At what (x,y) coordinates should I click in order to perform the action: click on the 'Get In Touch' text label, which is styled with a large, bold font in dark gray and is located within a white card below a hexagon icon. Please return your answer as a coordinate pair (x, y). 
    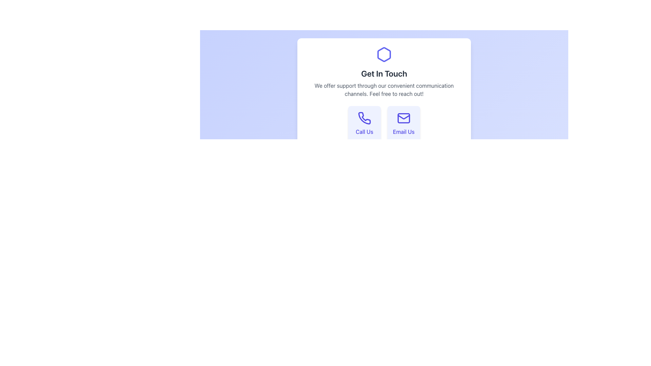
    Looking at the image, I should click on (384, 73).